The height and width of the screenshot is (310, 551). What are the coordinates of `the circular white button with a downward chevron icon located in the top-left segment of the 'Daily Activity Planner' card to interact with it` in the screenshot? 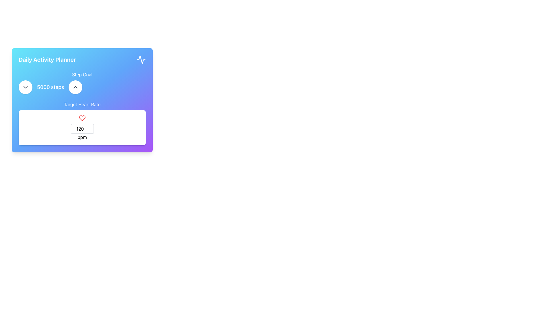 It's located at (25, 87).